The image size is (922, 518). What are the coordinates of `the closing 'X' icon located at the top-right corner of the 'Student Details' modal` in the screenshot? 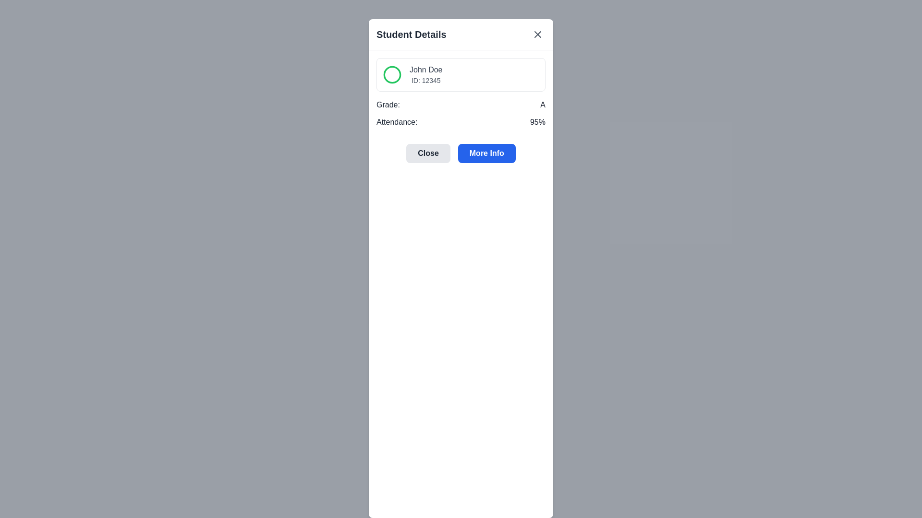 It's located at (537, 34).